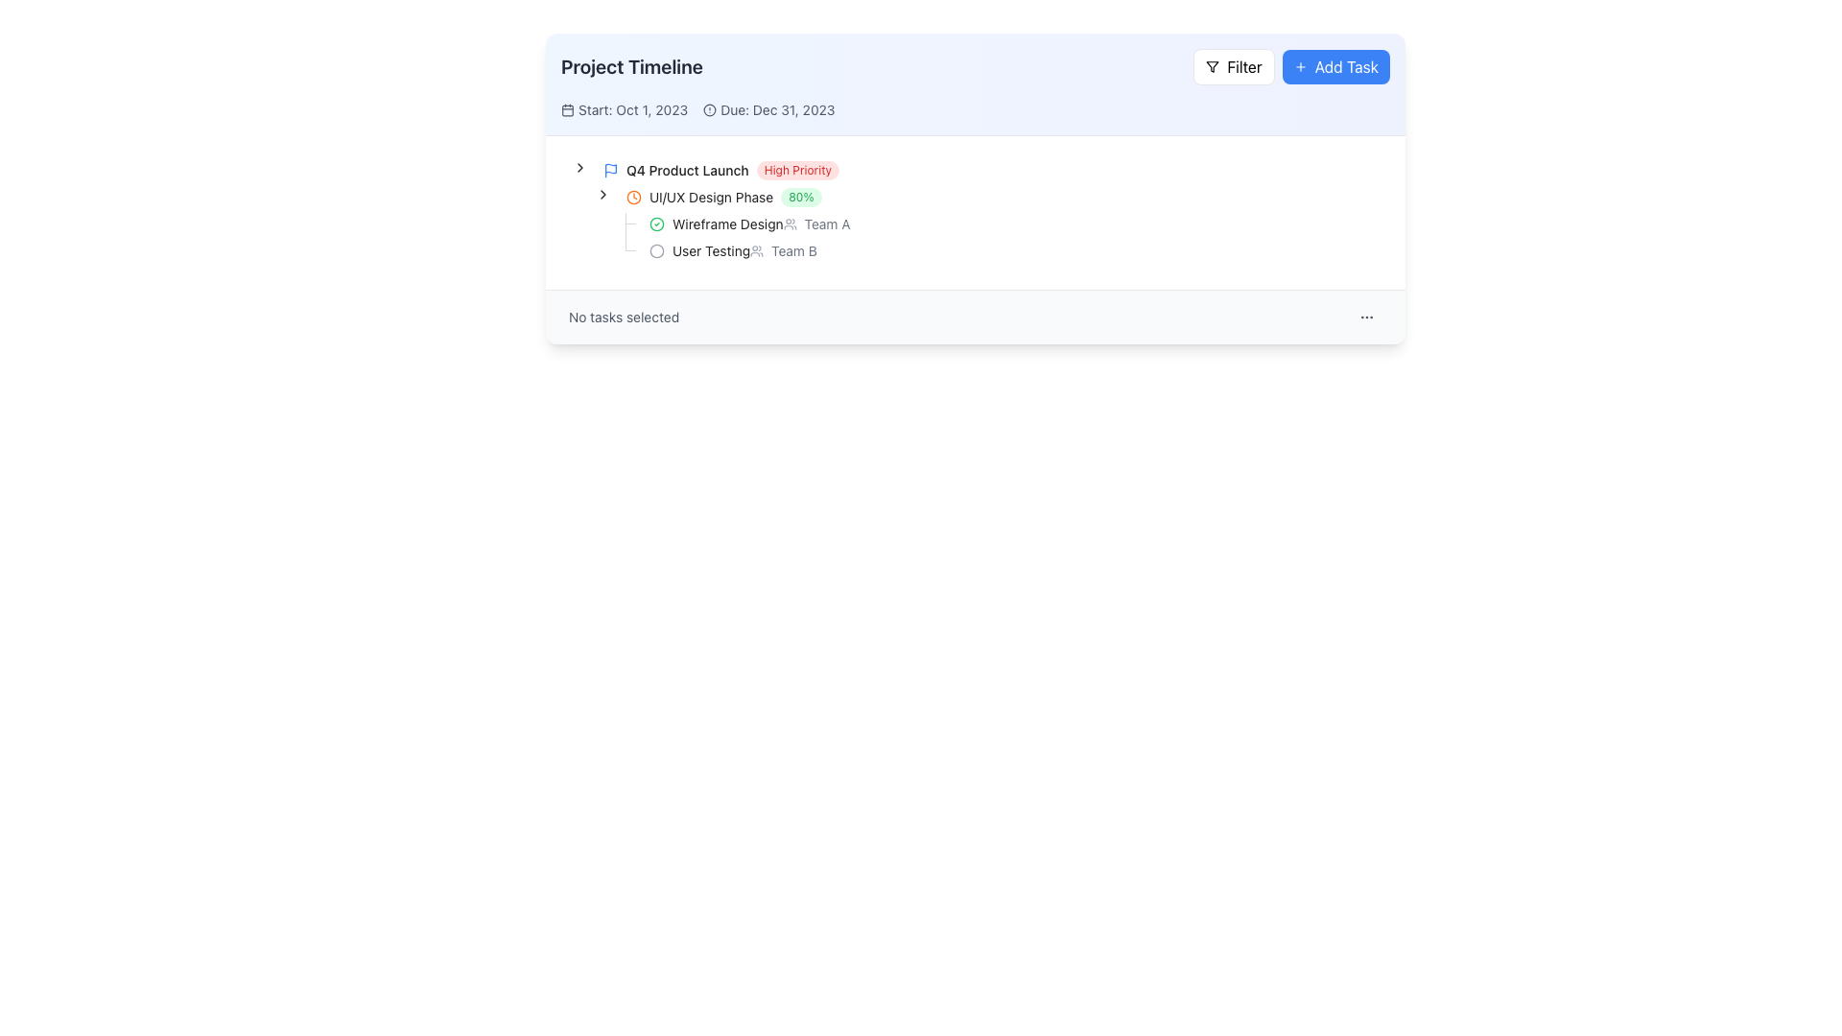  I want to click on text label displaying 'Filter' which is located in the upper-right section of the page, adjacent to a funnel-shaped icon, so click(1244, 65).